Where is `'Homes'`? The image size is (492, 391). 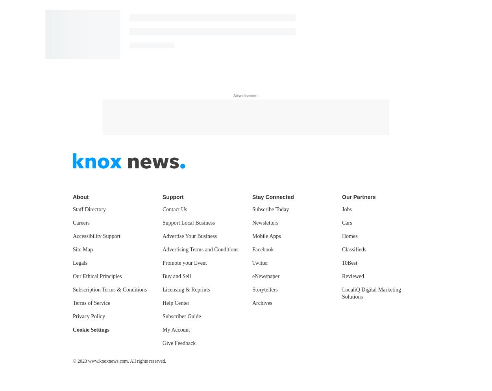 'Homes' is located at coordinates (342, 236).